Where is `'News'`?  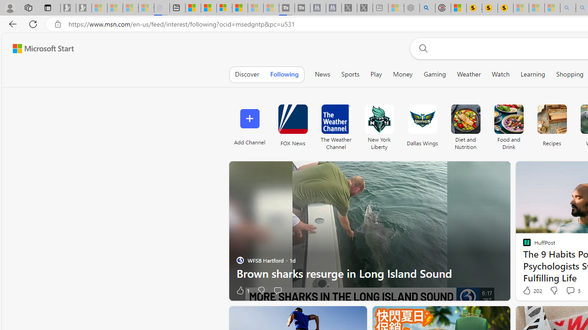
'News' is located at coordinates (322, 74).